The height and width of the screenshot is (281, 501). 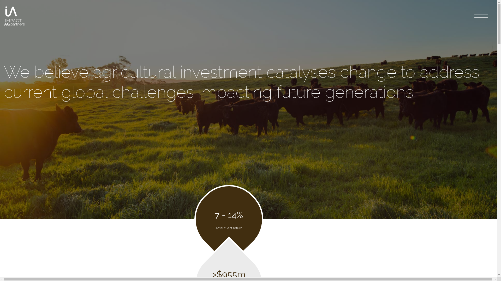 What do you see at coordinates (229, 218) in the screenshot?
I see `'7 - 14%` at bounding box center [229, 218].